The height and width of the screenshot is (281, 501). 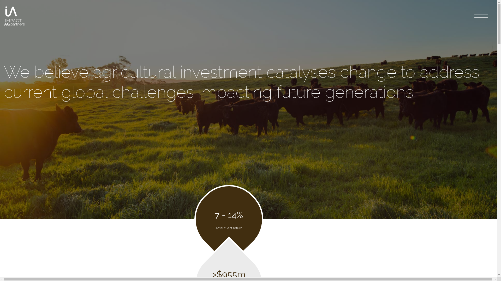 What do you see at coordinates (229, 218) in the screenshot?
I see `'7 - 14%` at bounding box center [229, 218].